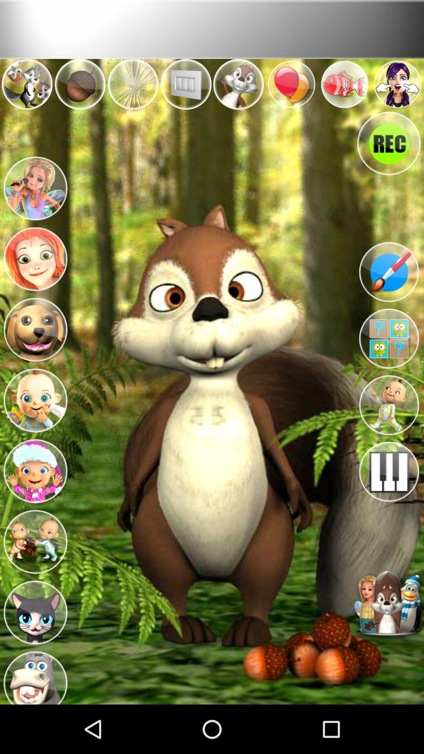  What do you see at coordinates (35, 674) in the screenshot?
I see `change to hippo` at bounding box center [35, 674].